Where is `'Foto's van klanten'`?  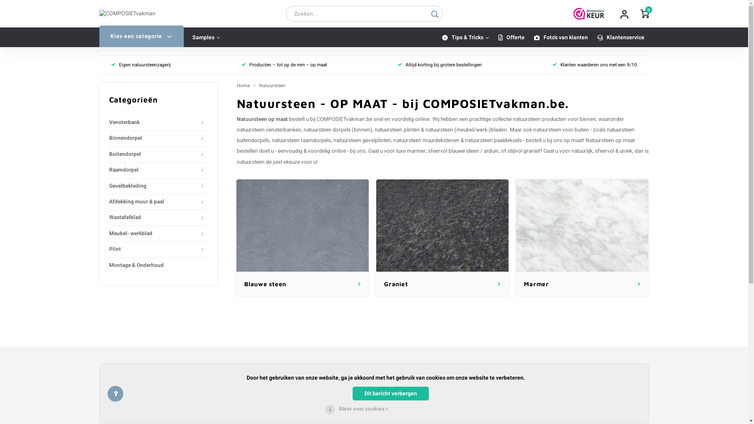
'Foto's van klanten' is located at coordinates (560, 38).